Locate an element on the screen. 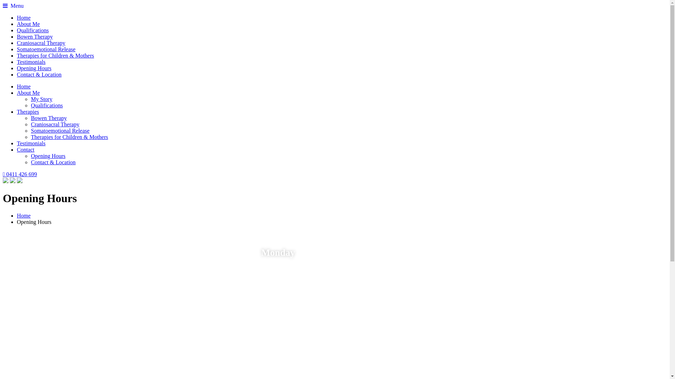 The width and height of the screenshot is (675, 379). 'Craniosacral Therapy' is located at coordinates (40, 43).